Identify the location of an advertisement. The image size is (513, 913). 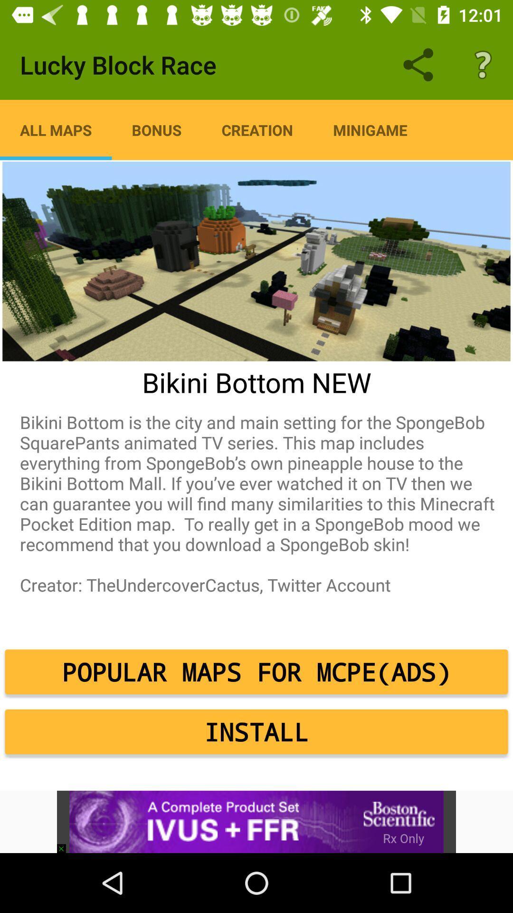
(256, 821).